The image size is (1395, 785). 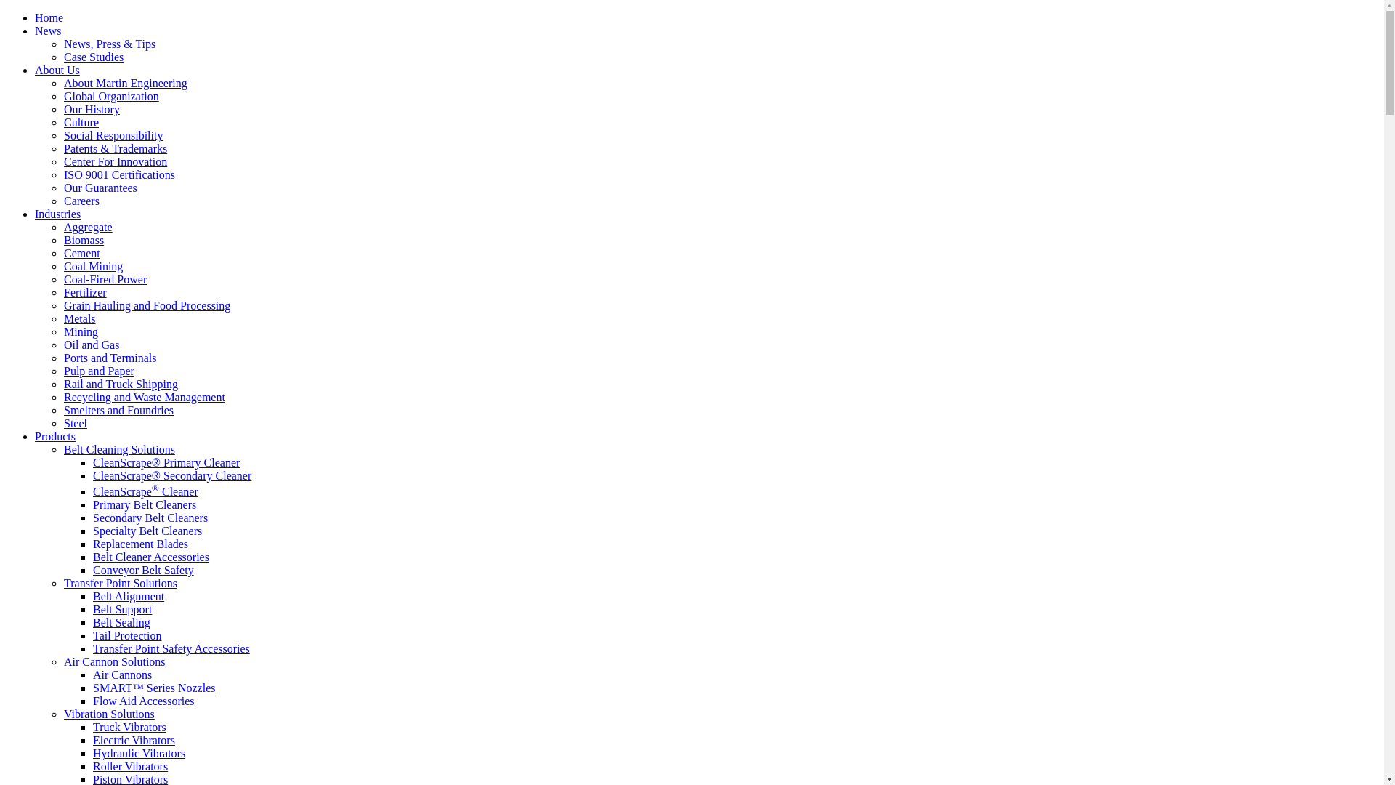 What do you see at coordinates (109, 358) in the screenshot?
I see `'Ports and Terminals'` at bounding box center [109, 358].